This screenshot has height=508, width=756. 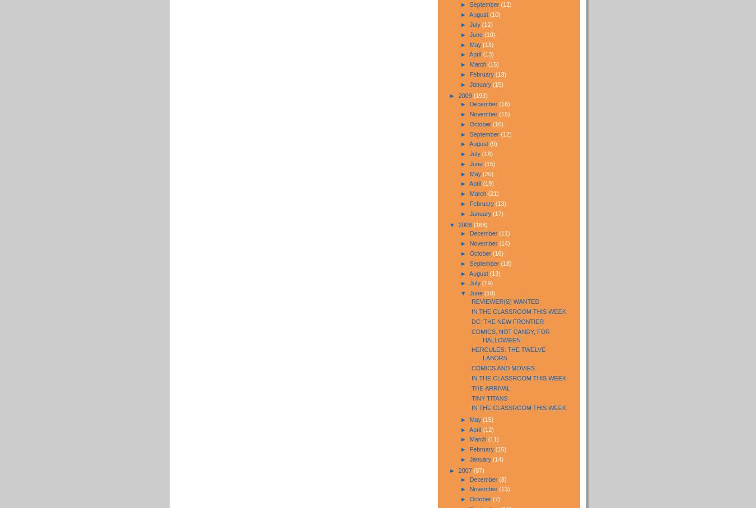 I want to click on '(193)', so click(x=480, y=95).